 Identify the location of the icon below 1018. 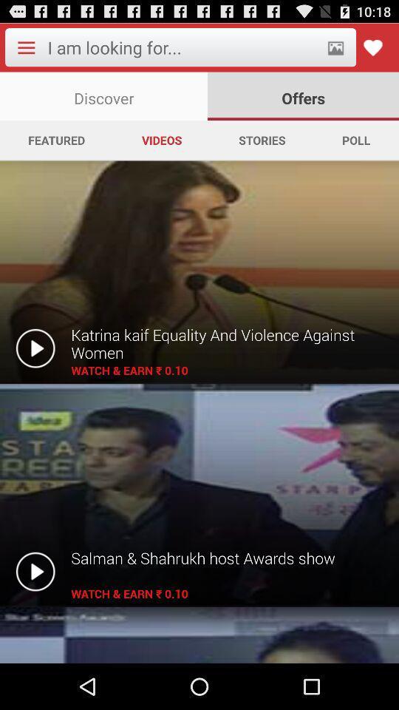
(372, 47).